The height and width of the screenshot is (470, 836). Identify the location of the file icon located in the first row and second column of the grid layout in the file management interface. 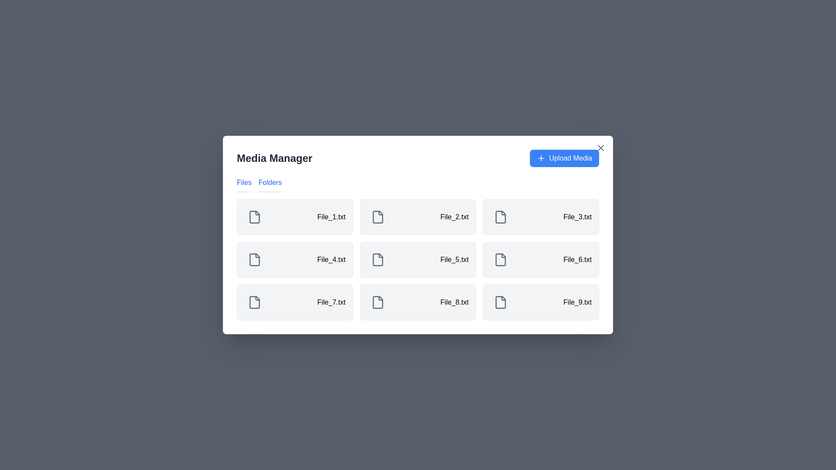
(378, 216).